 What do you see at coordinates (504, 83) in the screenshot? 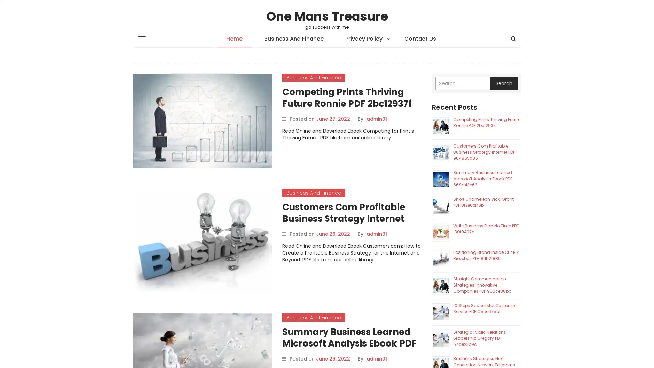
I see `Search` at bounding box center [504, 83].